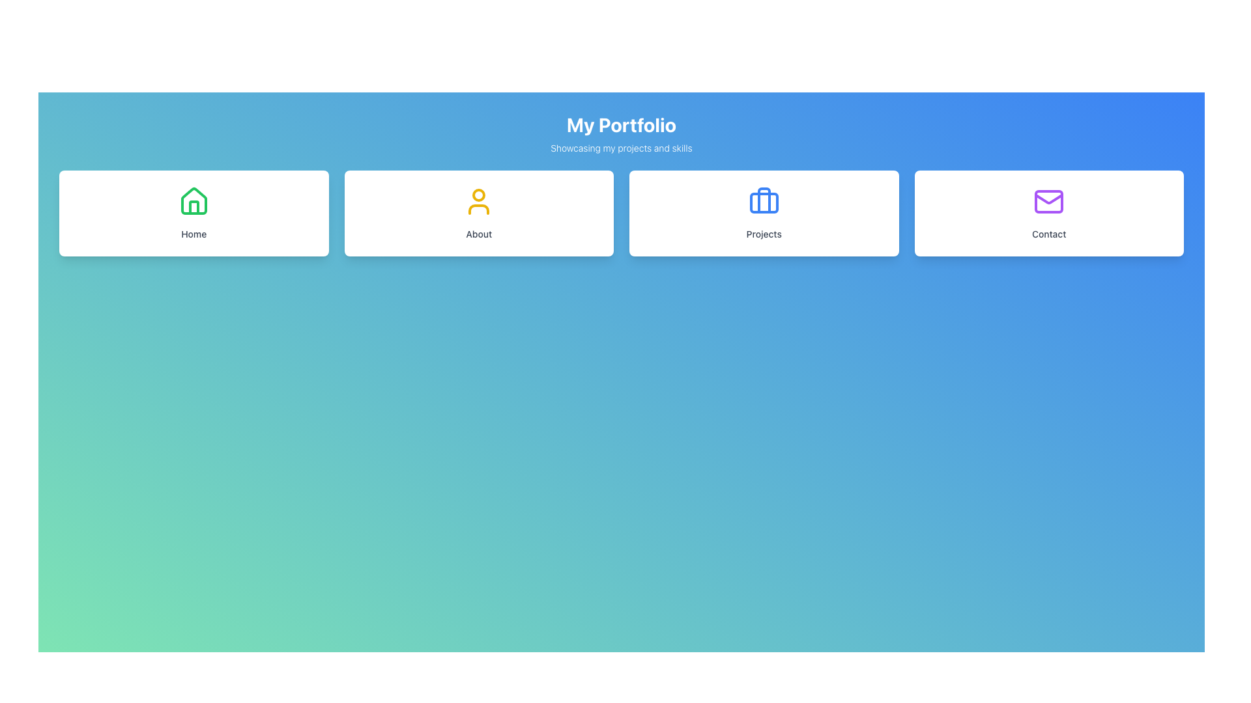 The height and width of the screenshot is (703, 1251). What do you see at coordinates (764, 200) in the screenshot?
I see `the vertical rectangular handle of the briefcase icon located in the center of the third option from the left in the main interface row` at bounding box center [764, 200].